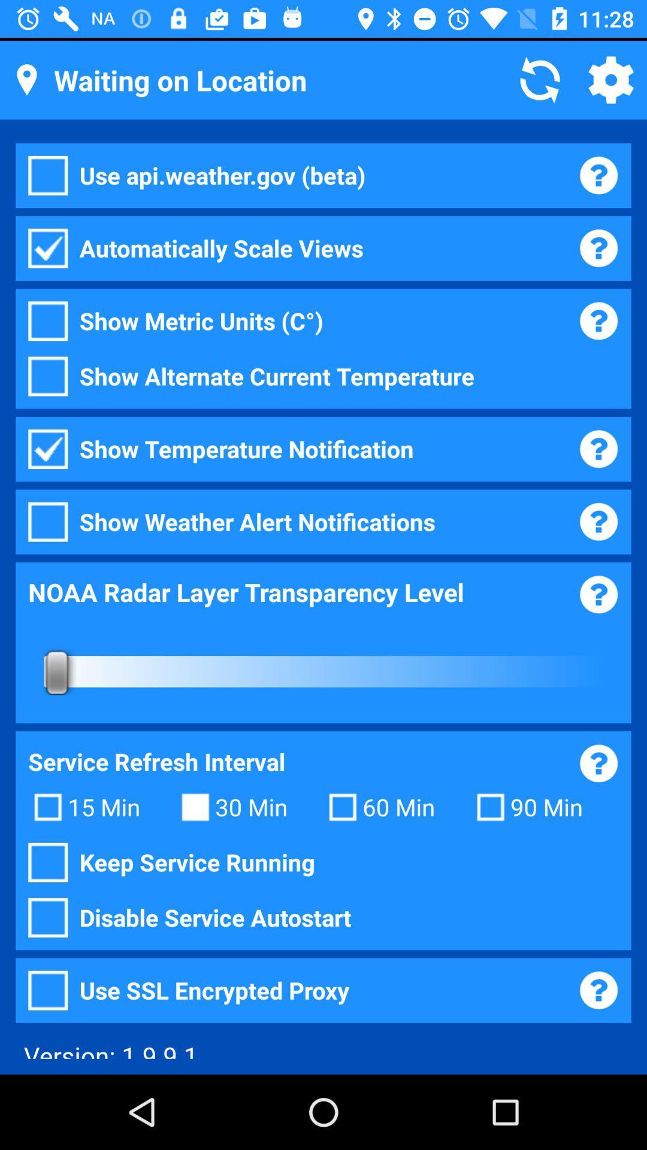 The width and height of the screenshot is (647, 1150). What do you see at coordinates (598, 175) in the screenshot?
I see `the help icon` at bounding box center [598, 175].